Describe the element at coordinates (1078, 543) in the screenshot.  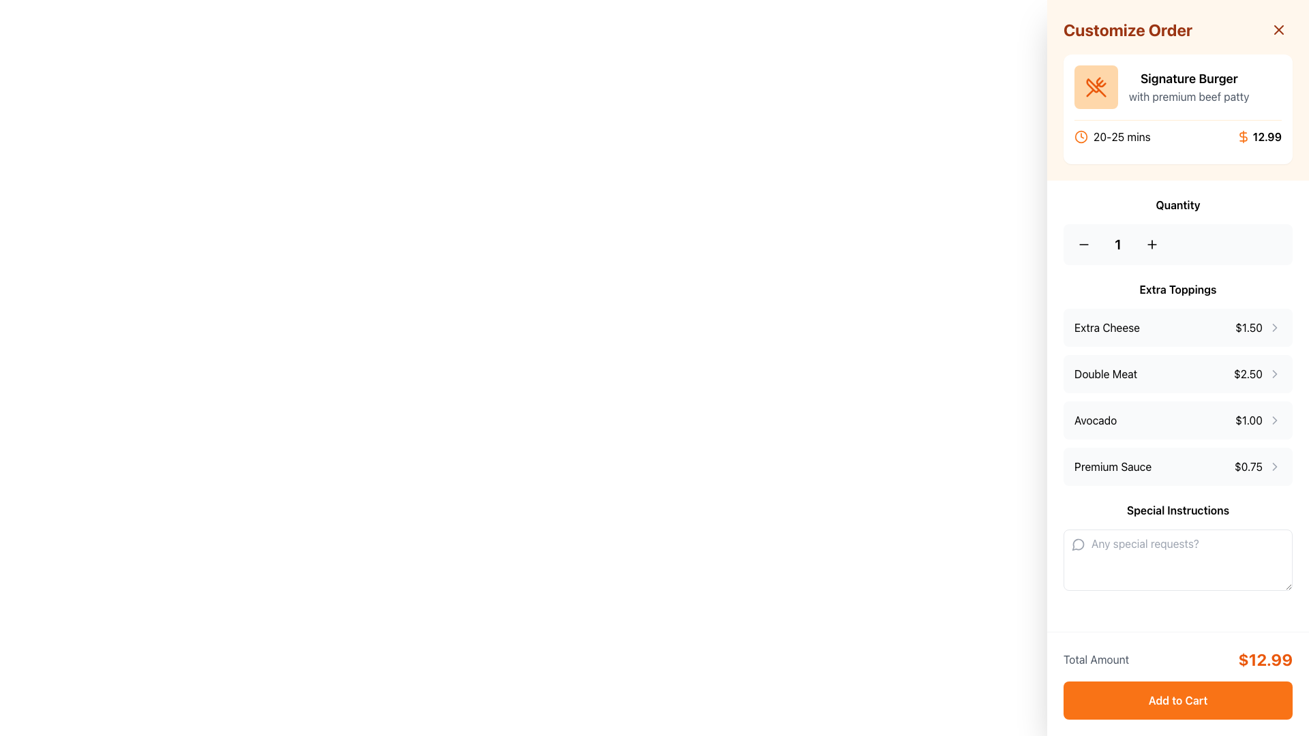
I see `the gray circular chat bubble icon located near the top left of the 'Special Instructions' input field` at that location.